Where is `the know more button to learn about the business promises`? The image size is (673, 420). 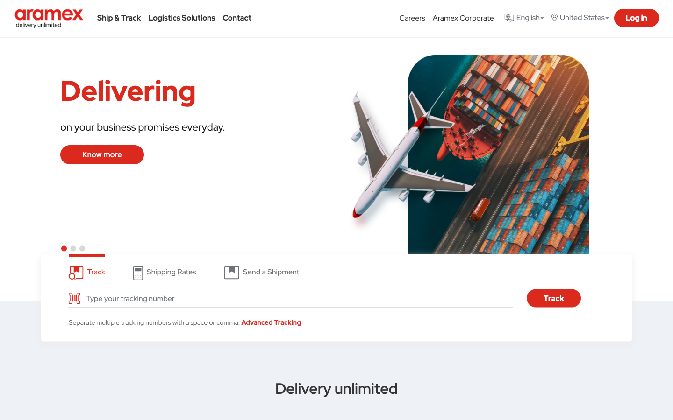
the know more button to learn about the business promises is located at coordinates (102, 154).